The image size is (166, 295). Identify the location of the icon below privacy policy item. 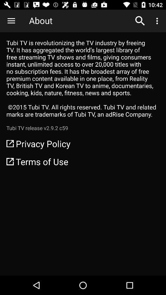
(83, 161).